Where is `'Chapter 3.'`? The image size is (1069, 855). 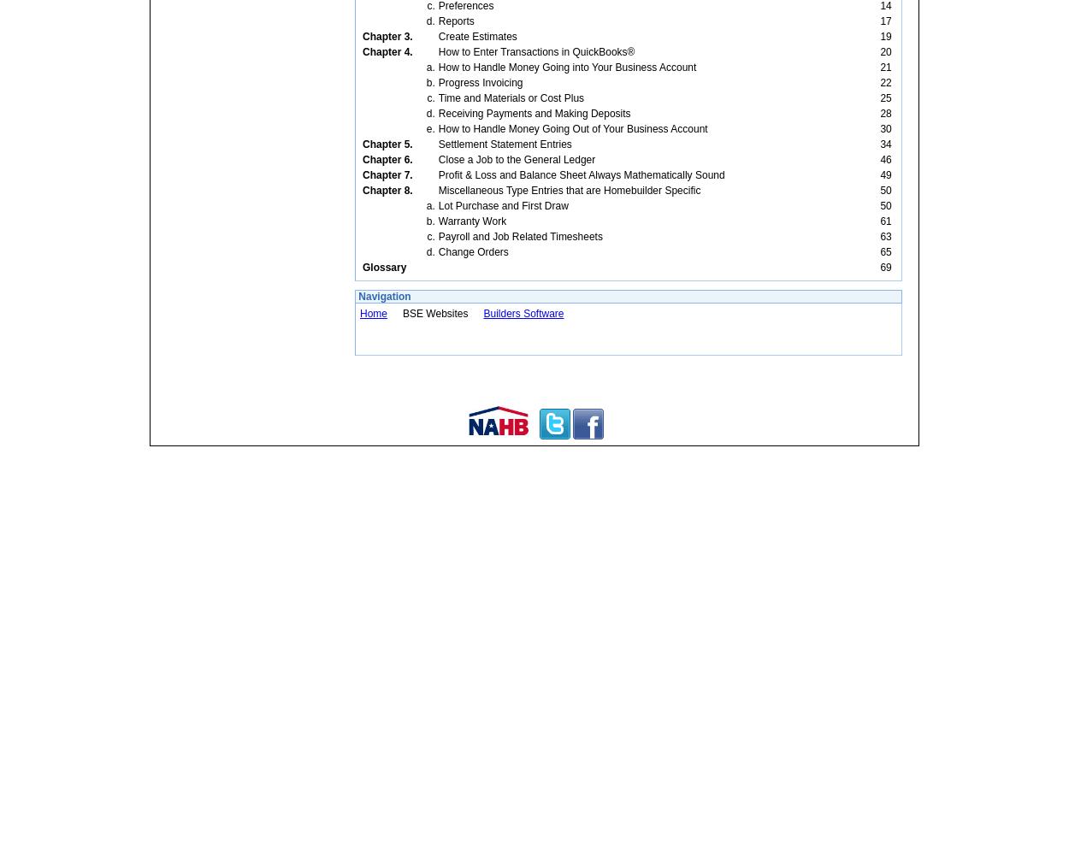 'Chapter 3.' is located at coordinates (387, 37).